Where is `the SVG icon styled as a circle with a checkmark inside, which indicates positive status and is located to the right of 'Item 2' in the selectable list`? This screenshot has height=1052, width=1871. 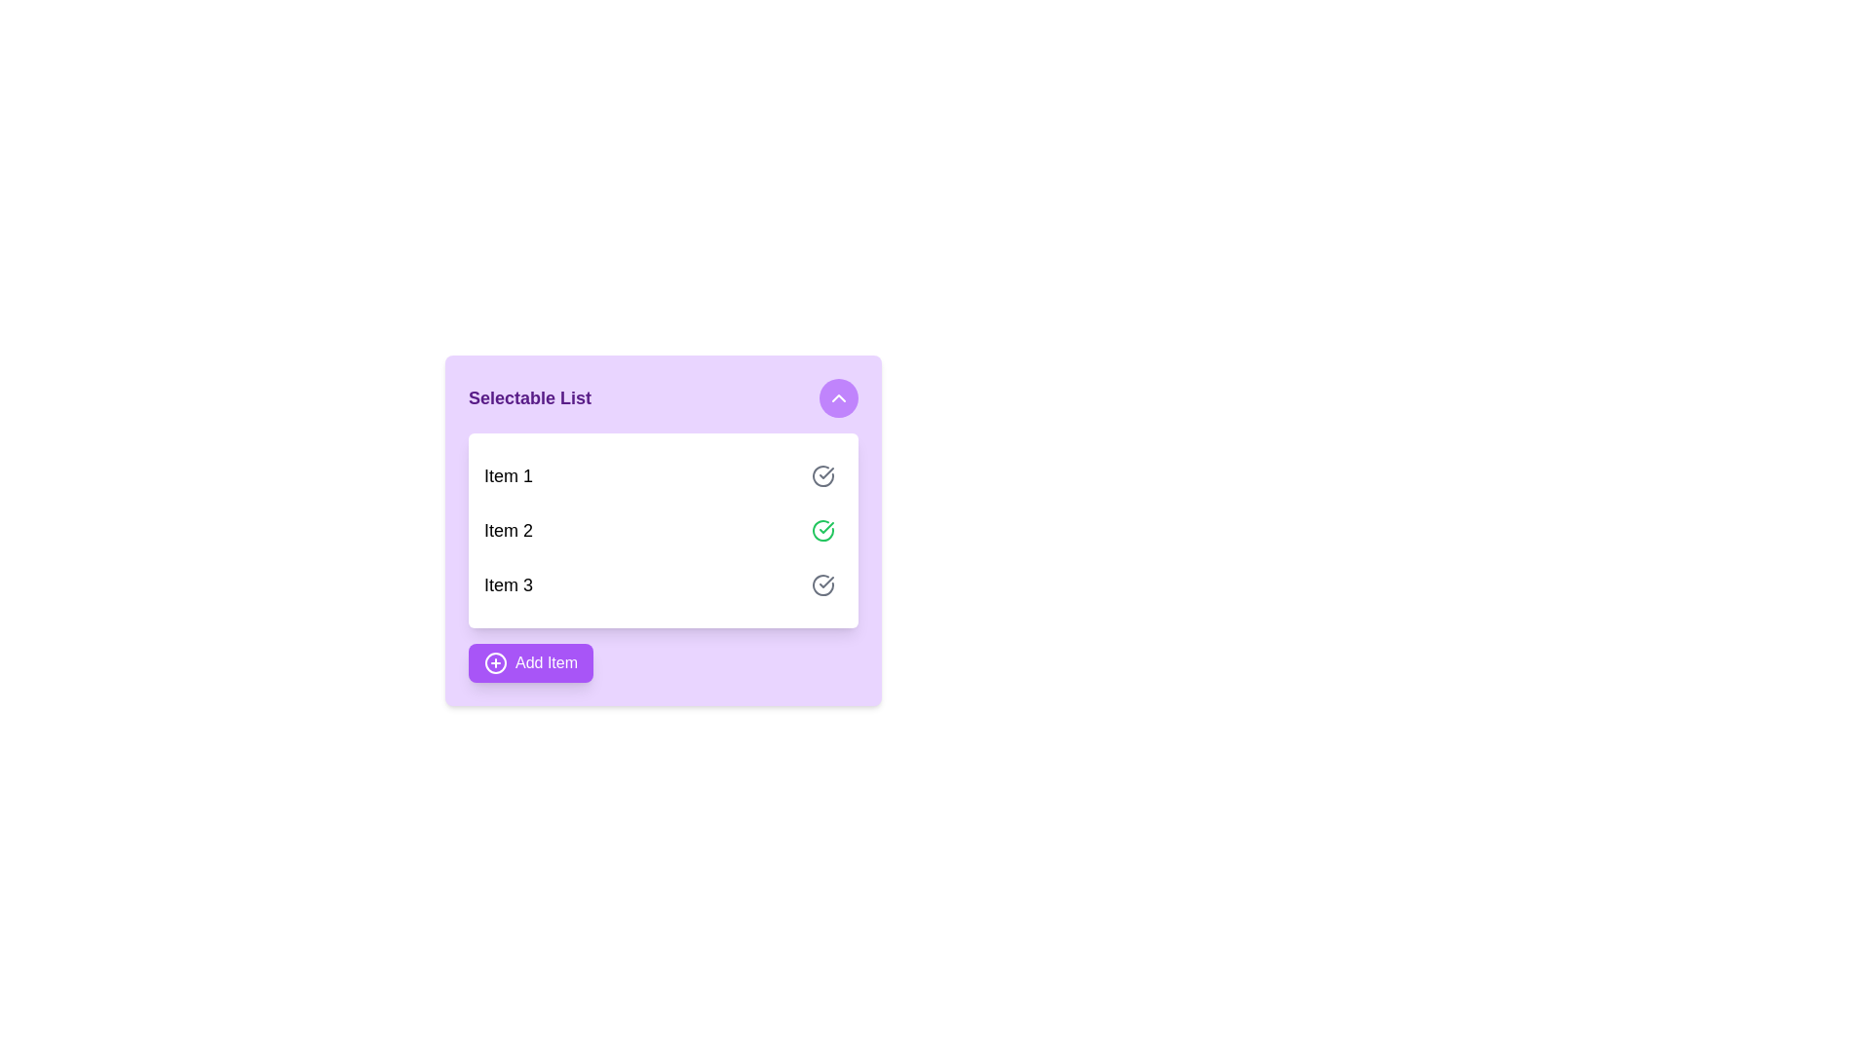 the SVG icon styled as a circle with a checkmark inside, which indicates positive status and is located to the right of 'Item 2' in the selectable list is located at coordinates (822, 530).